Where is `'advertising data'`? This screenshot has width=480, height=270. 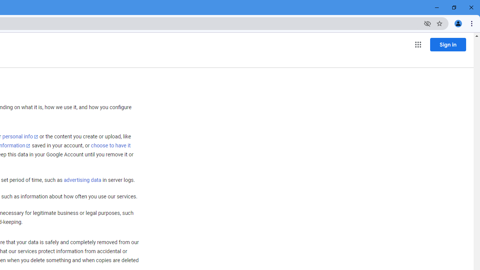
'advertising data' is located at coordinates (82, 180).